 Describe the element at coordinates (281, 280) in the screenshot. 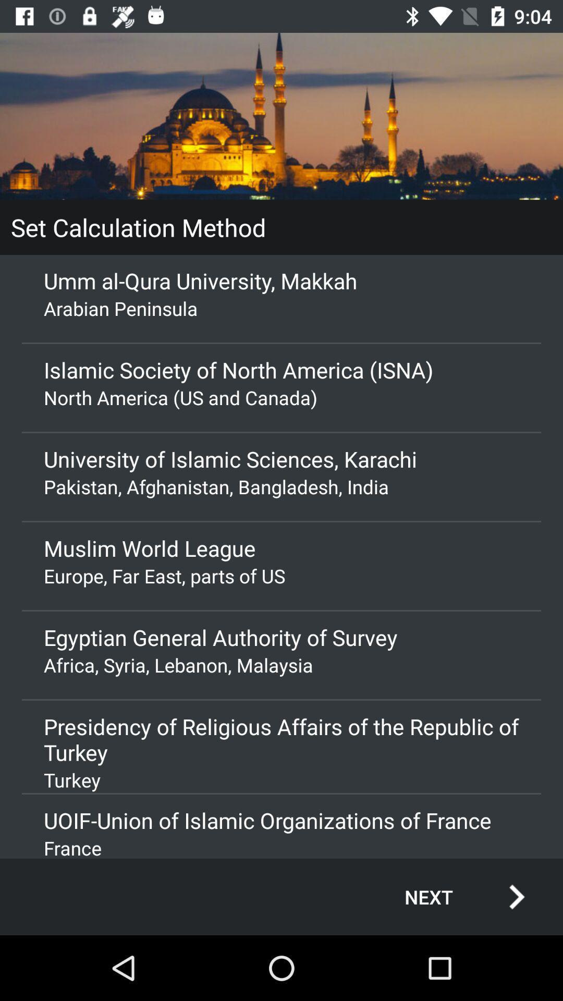

I see `item below the set calculation method icon` at that location.